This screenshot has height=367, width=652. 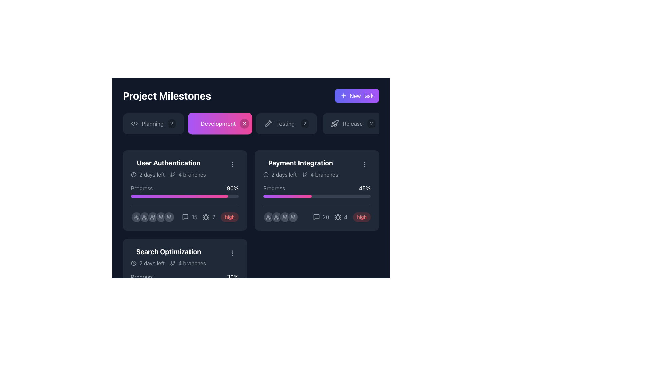 What do you see at coordinates (300, 168) in the screenshot?
I see `the header and summary section of the 'Payment Integration' task card located in the second column under the 'Development' section` at bounding box center [300, 168].